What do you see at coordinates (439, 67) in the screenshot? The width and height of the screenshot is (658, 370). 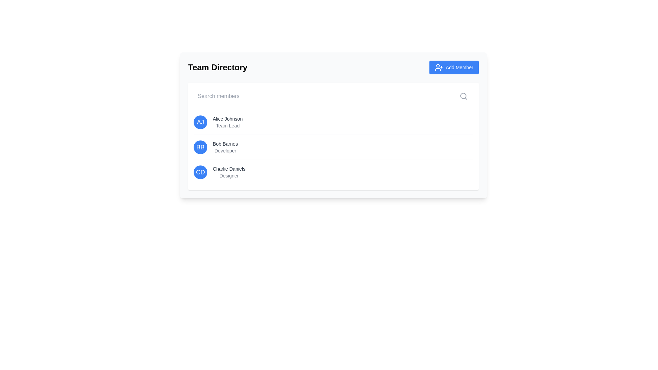 I see `the 'Add Member' icon located at the top-right corner of the visible card` at bounding box center [439, 67].